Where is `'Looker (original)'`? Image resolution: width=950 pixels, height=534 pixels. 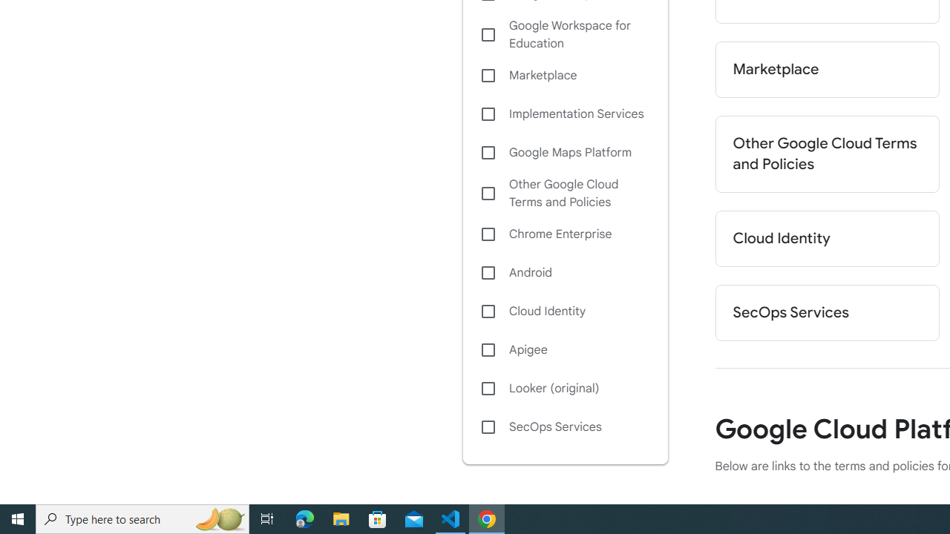 'Looker (original)' is located at coordinates (564, 388).